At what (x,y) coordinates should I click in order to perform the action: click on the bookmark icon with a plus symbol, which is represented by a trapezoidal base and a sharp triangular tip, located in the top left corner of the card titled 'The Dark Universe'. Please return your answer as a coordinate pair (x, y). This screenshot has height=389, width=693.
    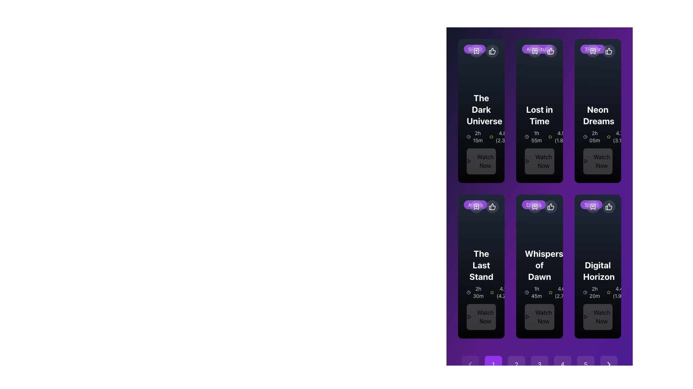
    Looking at the image, I should click on (476, 51).